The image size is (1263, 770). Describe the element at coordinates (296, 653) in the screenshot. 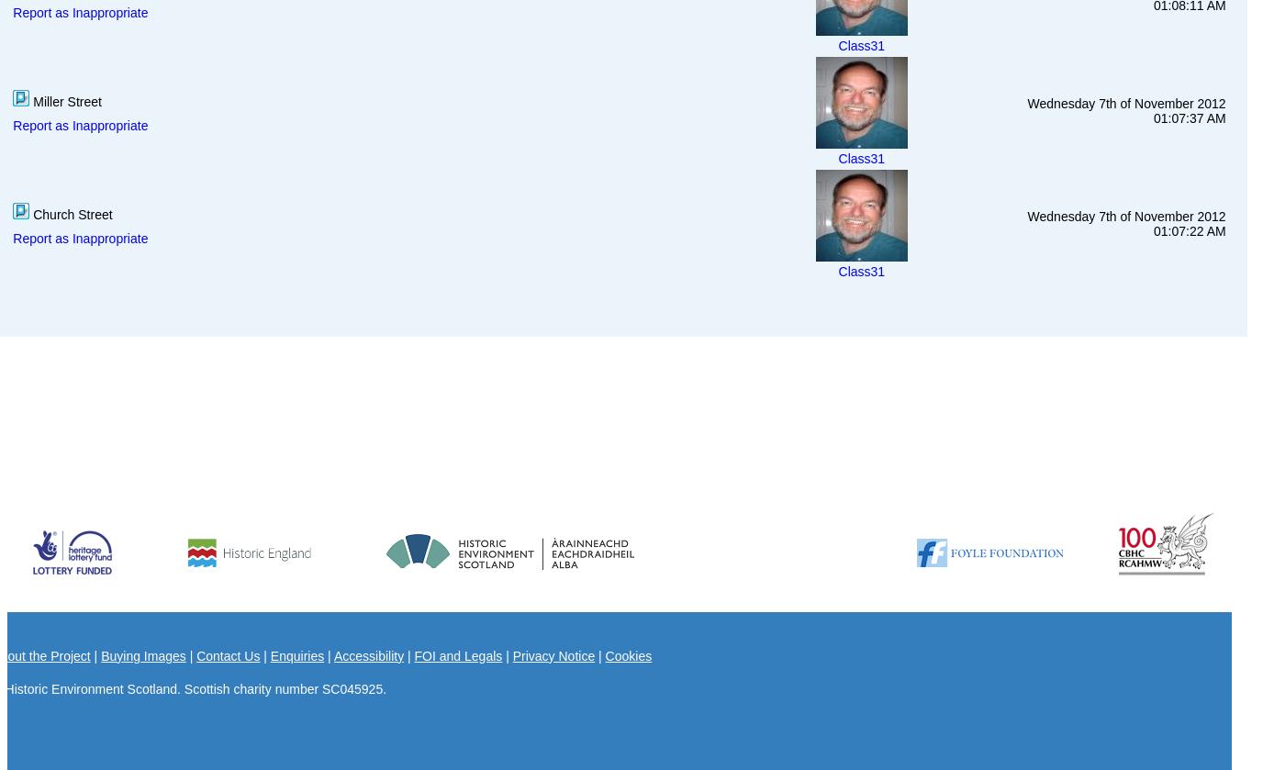

I see `'Enquiries'` at that location.